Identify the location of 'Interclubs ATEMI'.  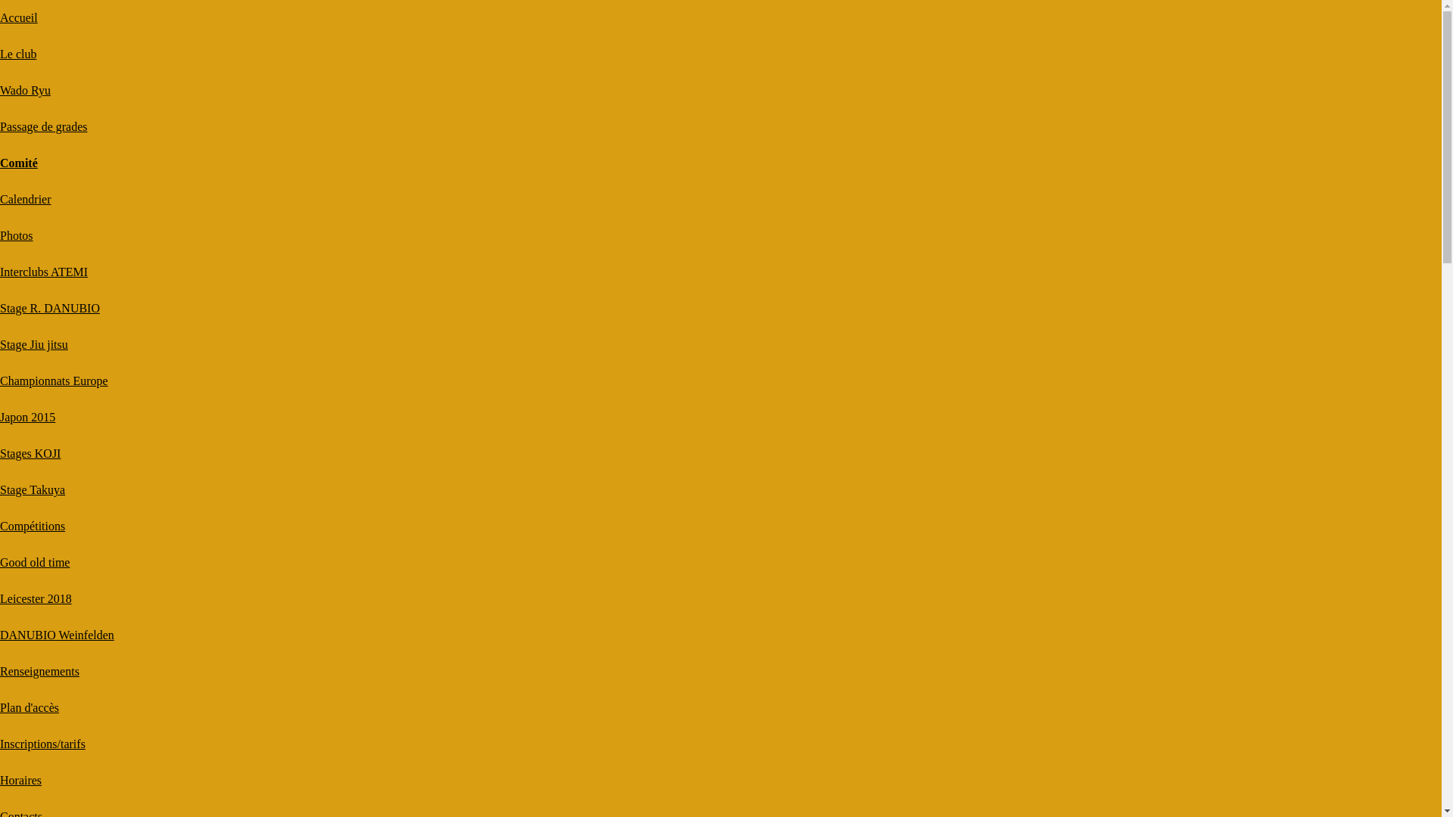
(43, 271).